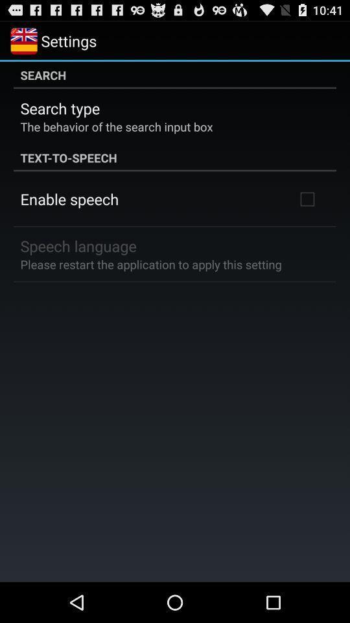 This screenshot has width=350, height=623. I want to click on item below the search type item, so click(116, 126).